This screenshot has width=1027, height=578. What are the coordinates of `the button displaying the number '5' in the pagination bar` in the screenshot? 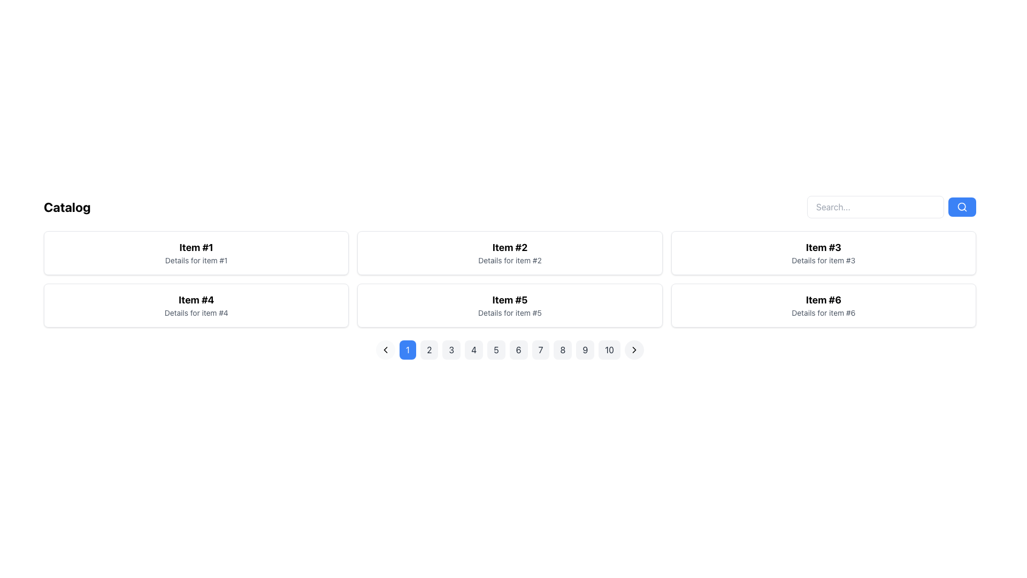 It's located at (495, 350).